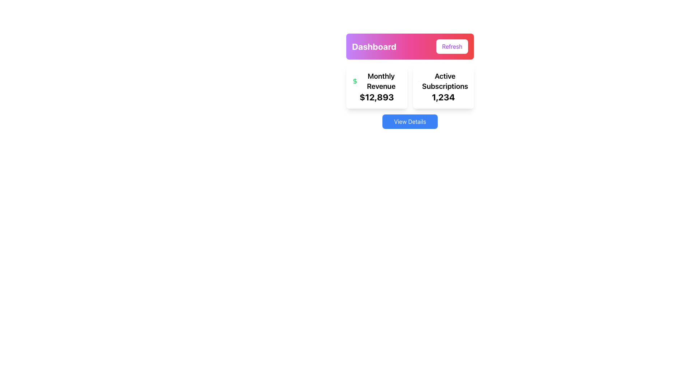 This screenshot has width=694, height=390. What do you see at coordinates (381, 81) in the screenshot?
I see `the bold text label displaying 'Monthly Revenue', which is positioned below the '$' icon and above the value '$12,893' in the left half of the dashboard` at bounding box center [381, 81].